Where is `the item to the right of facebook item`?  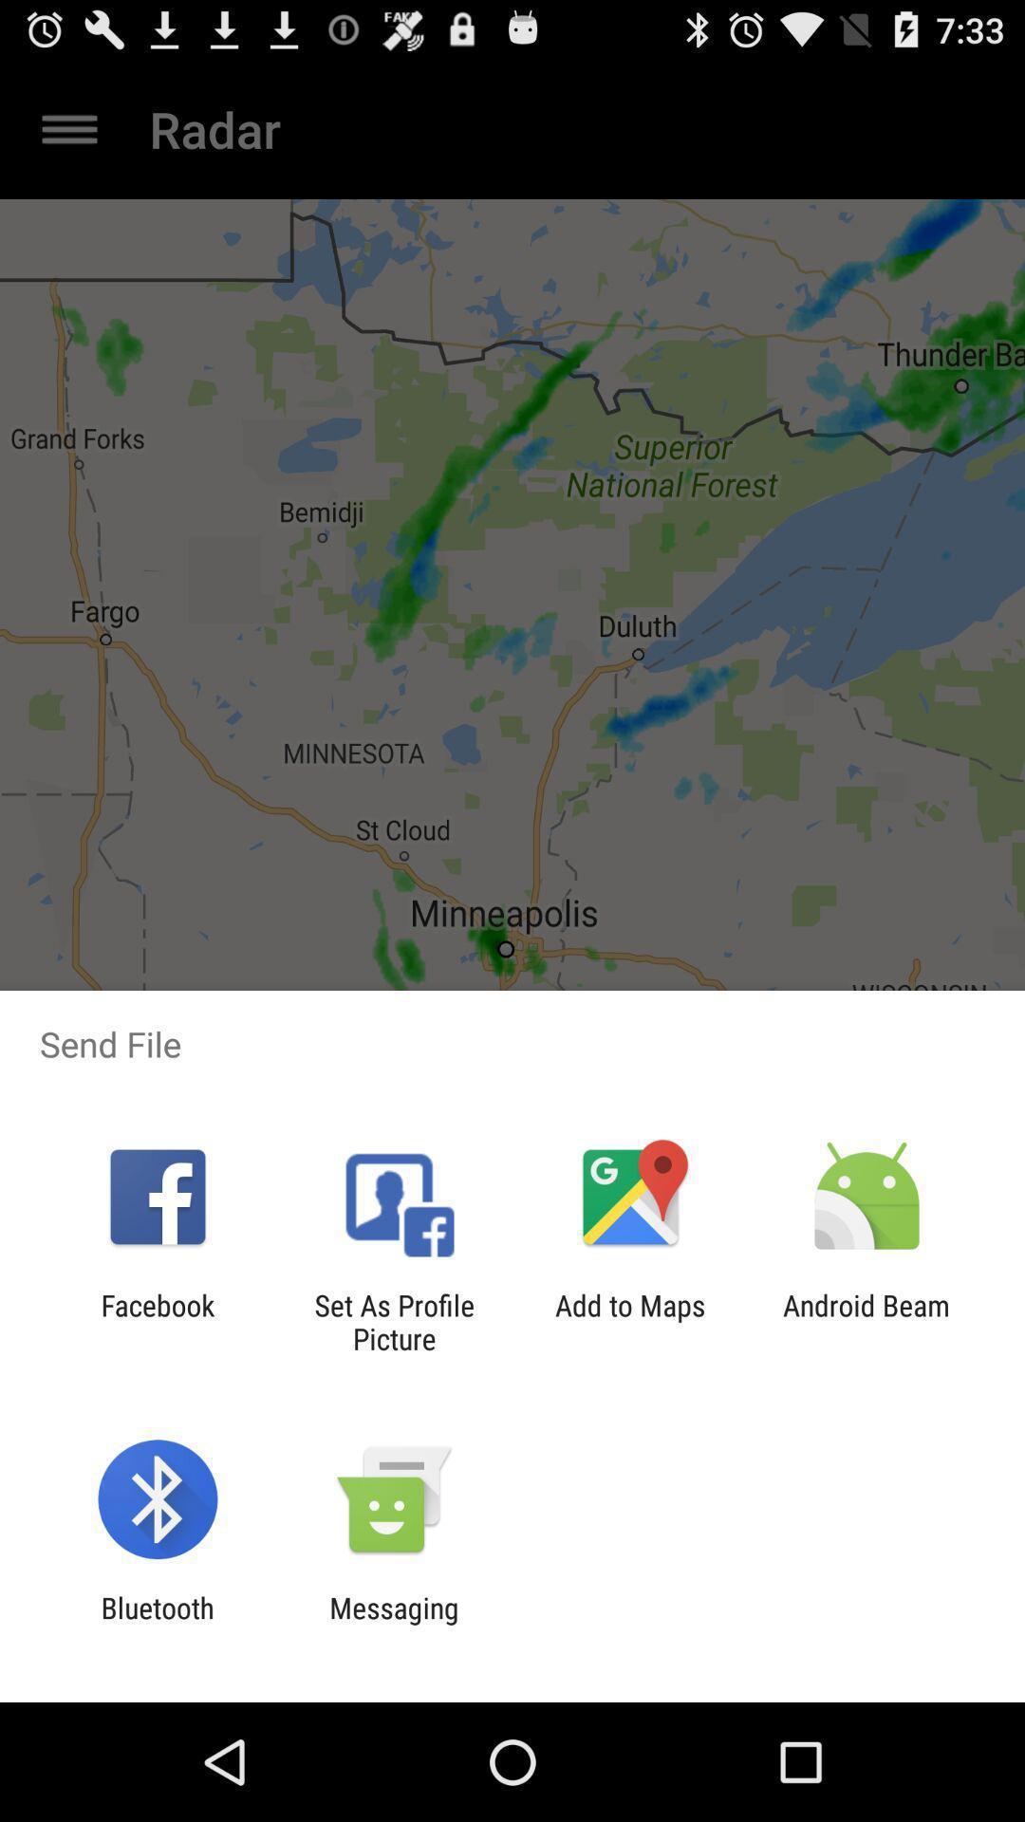 the item to the right of facebook item is located at coordinates (393, 1321).